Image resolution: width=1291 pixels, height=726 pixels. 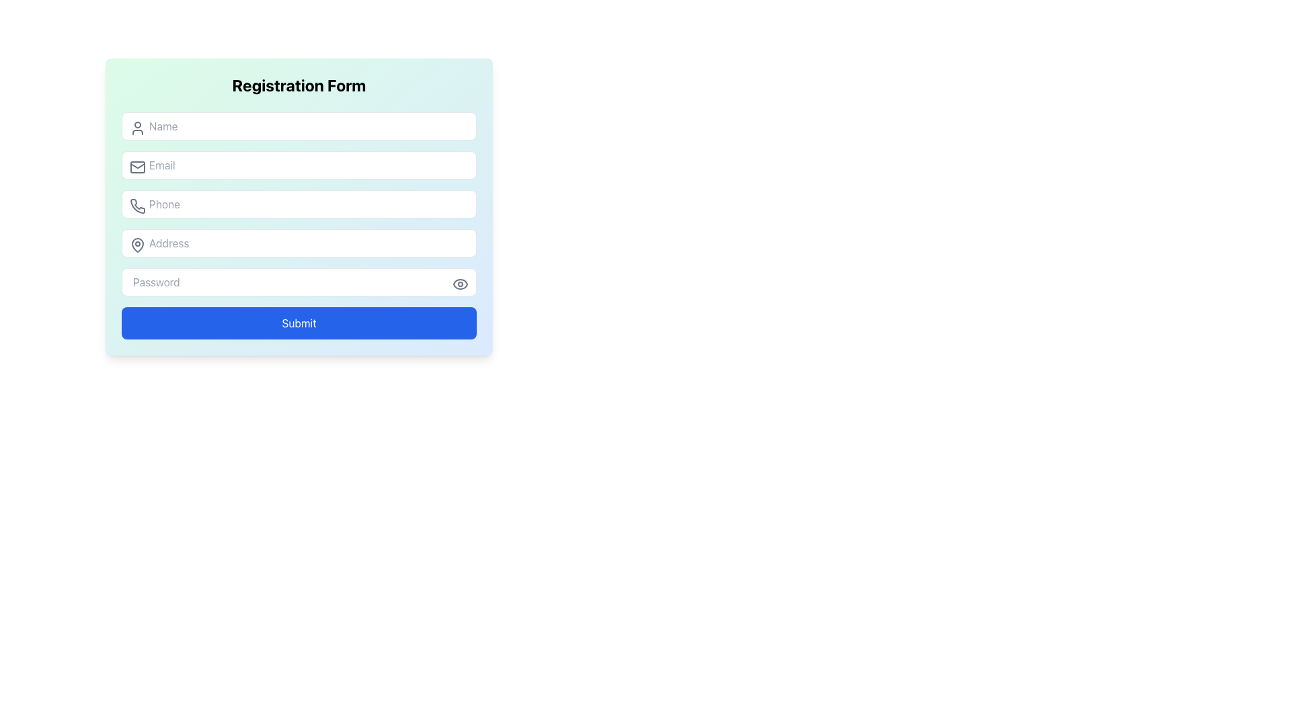 What do you see at coordinates (138, 128) in the screenshot?
I see `the user-related icon located in the top-left corner of the 'Name' input field within the registration form to improve usability and accessibility` at bounding box center [138, 128].